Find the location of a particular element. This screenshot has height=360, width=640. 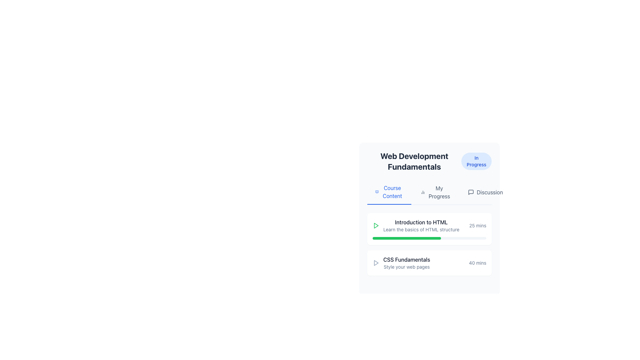

progress bar completion is located at coordinates (383, 238).